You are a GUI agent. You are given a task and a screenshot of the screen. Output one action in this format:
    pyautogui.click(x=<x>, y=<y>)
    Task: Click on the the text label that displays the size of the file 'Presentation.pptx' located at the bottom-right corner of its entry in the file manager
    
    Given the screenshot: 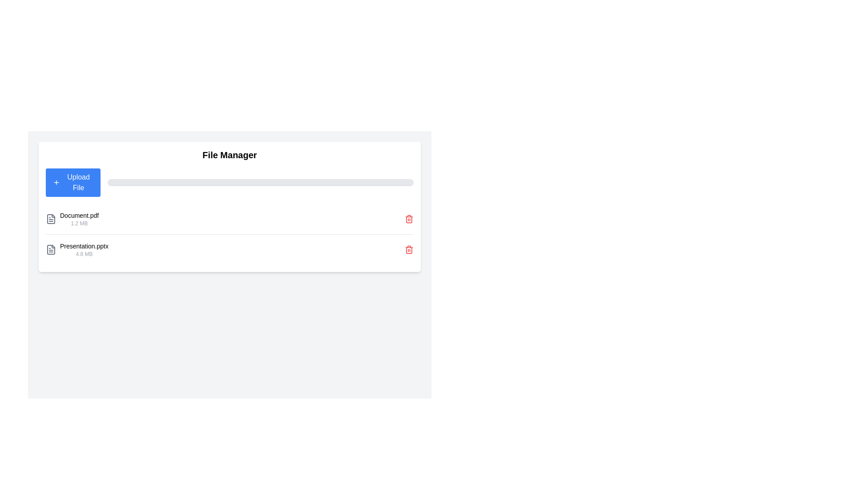 What is the action you would take?
    pyautogui.click(x=84, y=254)
    